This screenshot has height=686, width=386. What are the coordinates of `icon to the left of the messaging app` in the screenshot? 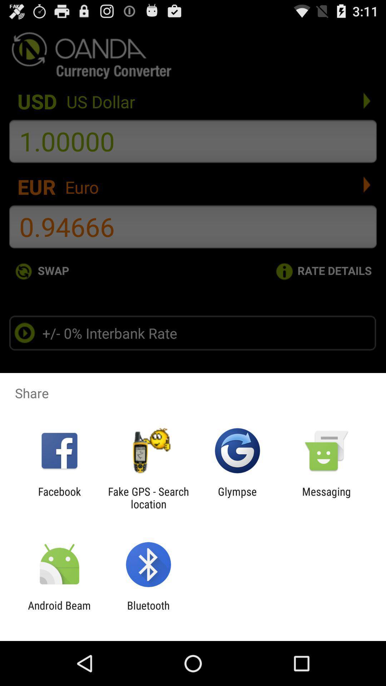 It's located at (237, 497).